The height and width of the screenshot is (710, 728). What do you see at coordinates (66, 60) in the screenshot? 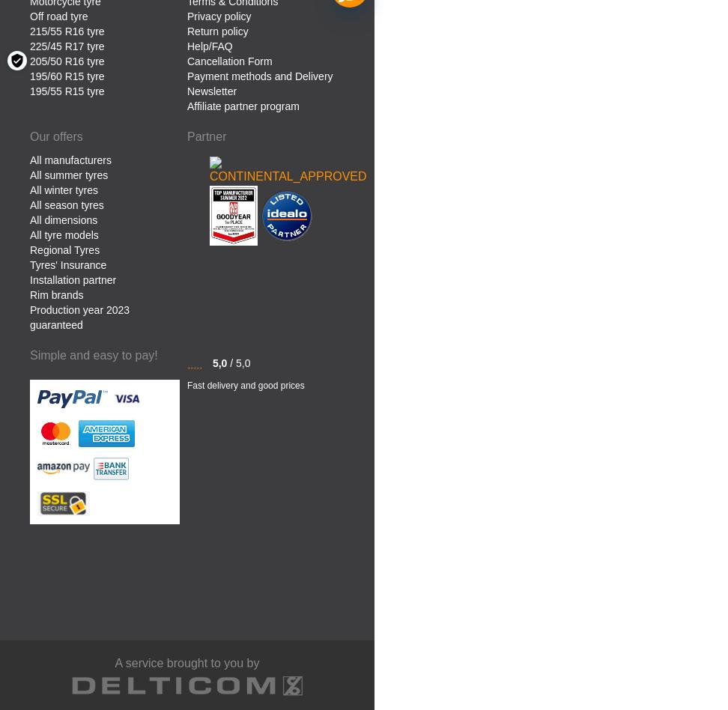
I see `'205/50 R16 tyre'` at bounding box center [66, 60].